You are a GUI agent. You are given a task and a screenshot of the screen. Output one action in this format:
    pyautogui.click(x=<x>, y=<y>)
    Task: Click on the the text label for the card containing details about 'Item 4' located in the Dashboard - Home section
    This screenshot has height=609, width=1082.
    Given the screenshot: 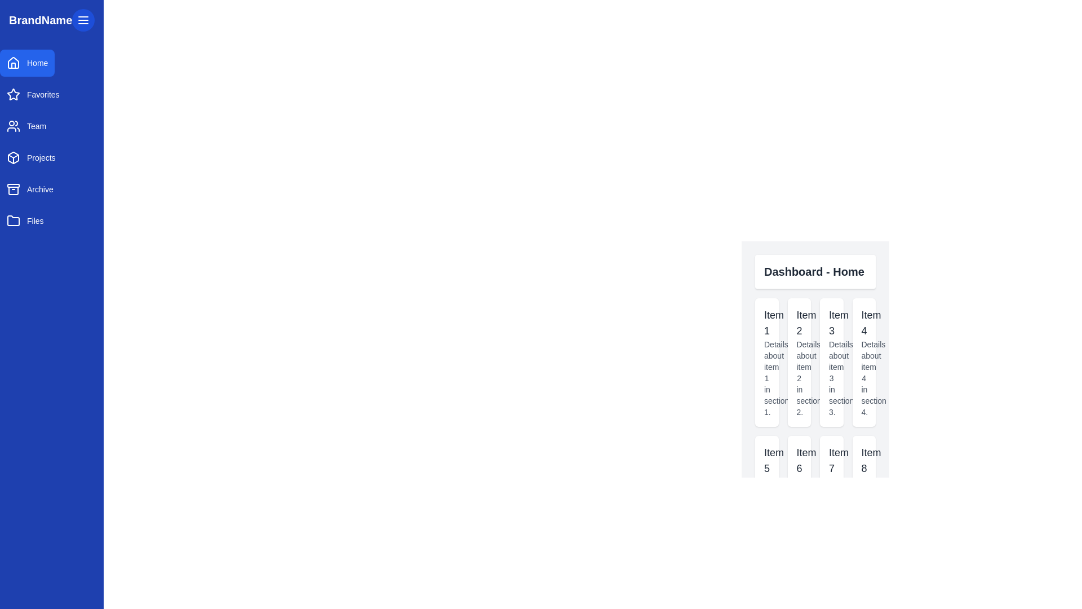 What is the action you would take?
    pyautogui.click(x=863, y=323)
    